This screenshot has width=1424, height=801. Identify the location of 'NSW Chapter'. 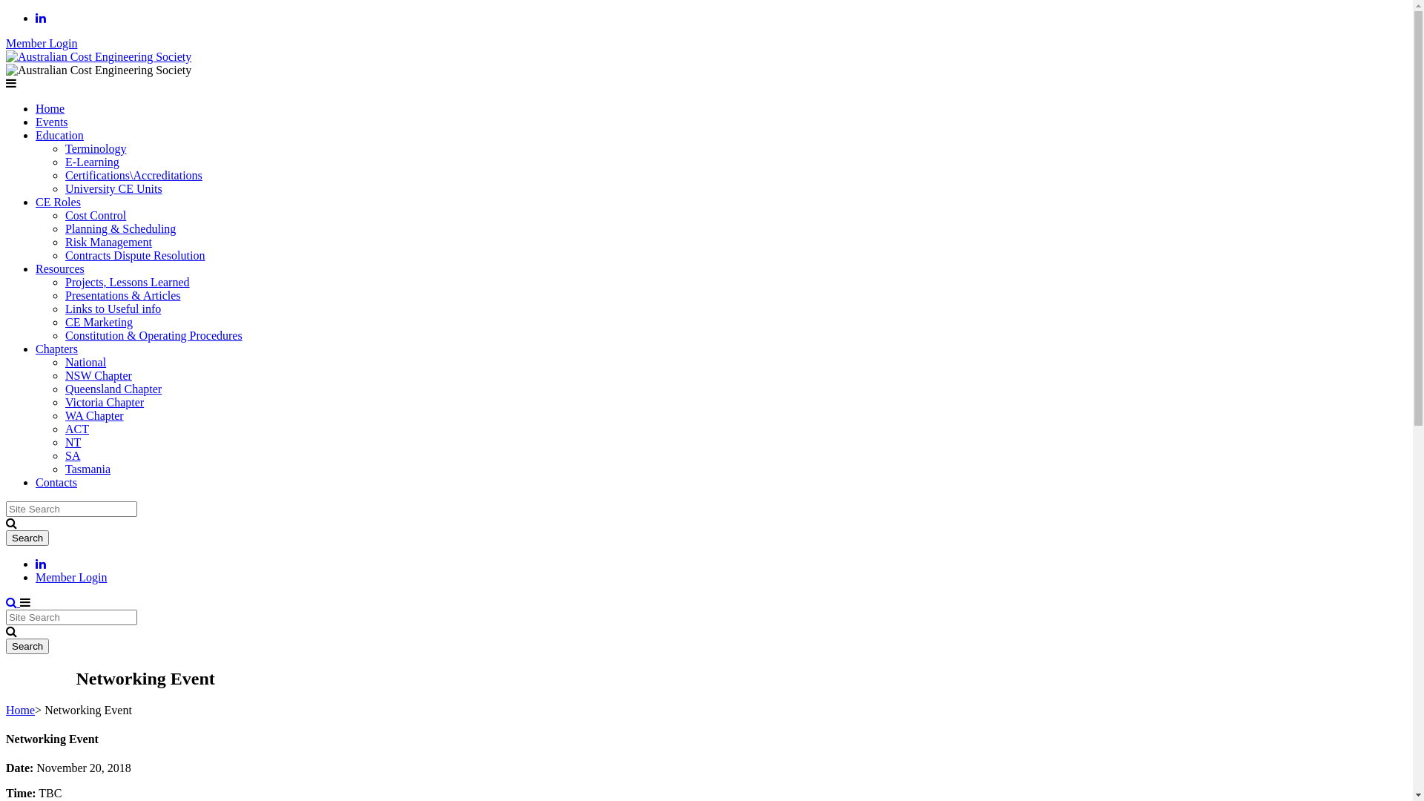
(98, 375).